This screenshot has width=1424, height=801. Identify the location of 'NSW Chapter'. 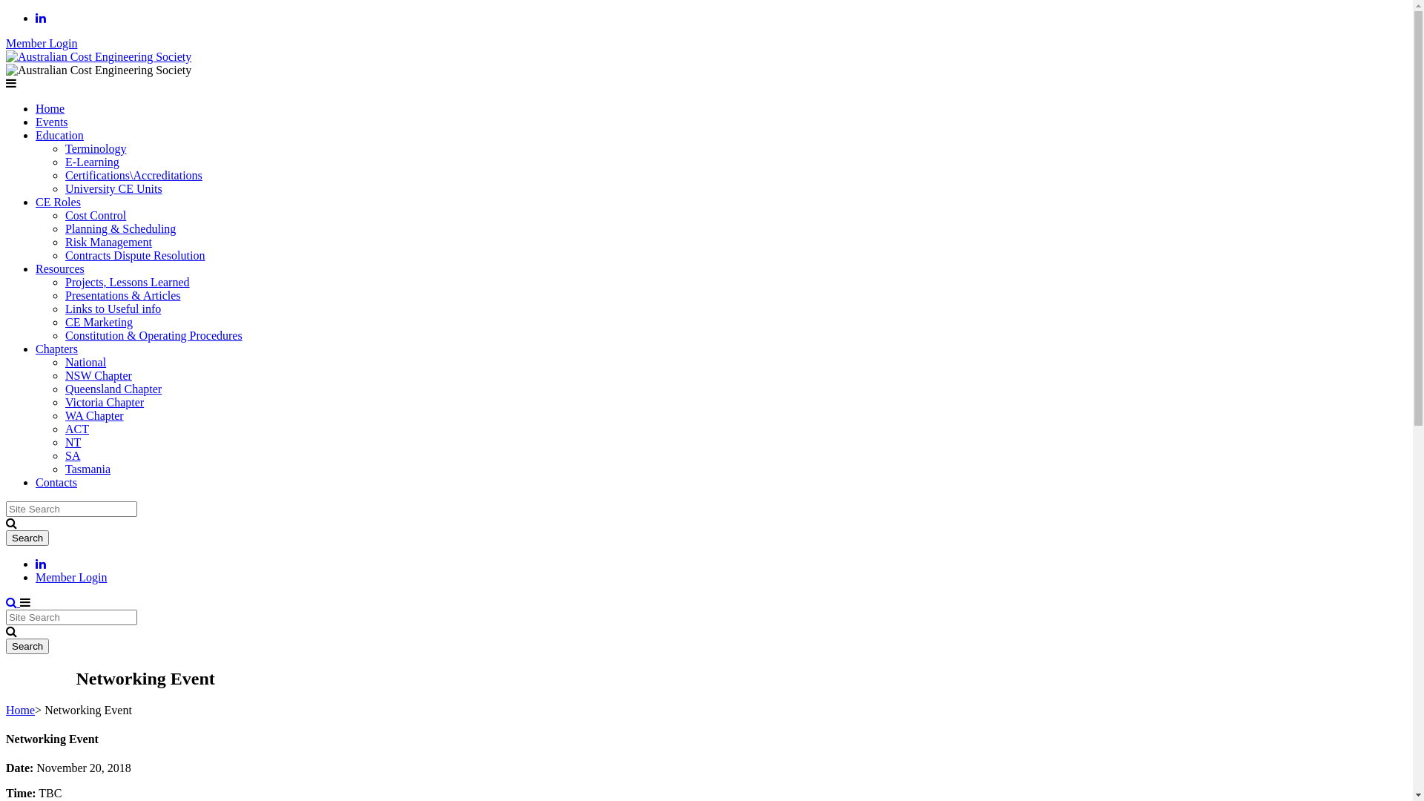
(98, 375).